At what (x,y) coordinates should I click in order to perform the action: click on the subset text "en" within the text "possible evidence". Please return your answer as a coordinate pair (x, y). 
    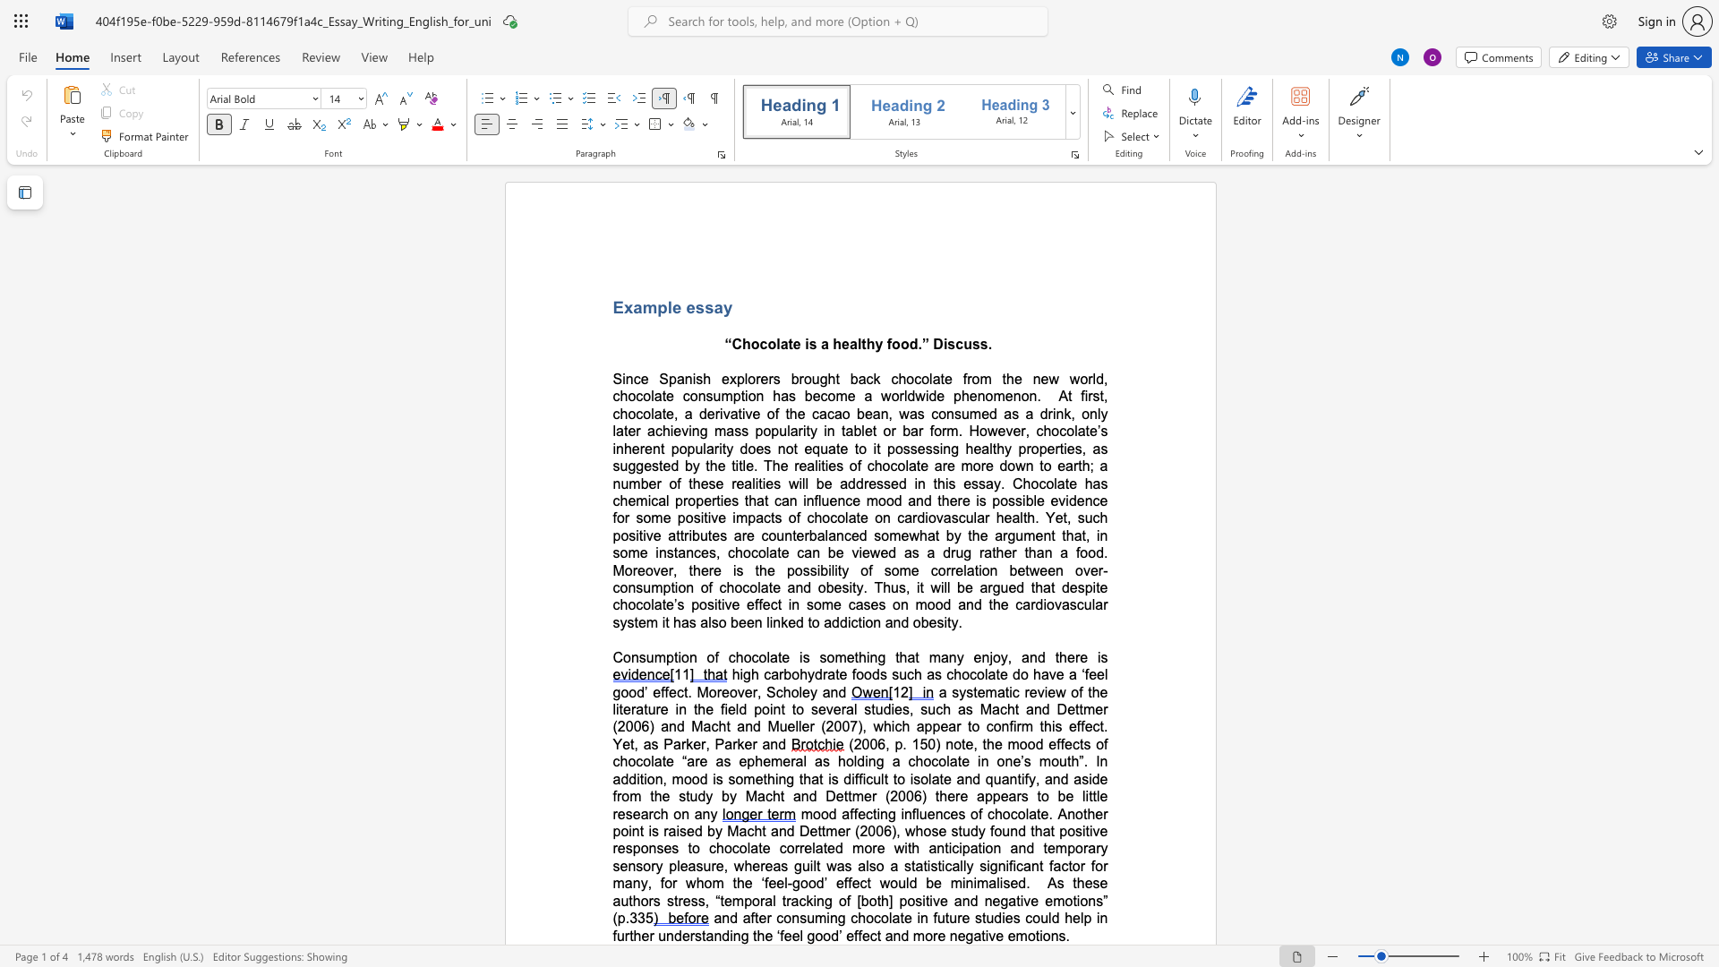
    Looking at the image, I should click on (1075, 501).